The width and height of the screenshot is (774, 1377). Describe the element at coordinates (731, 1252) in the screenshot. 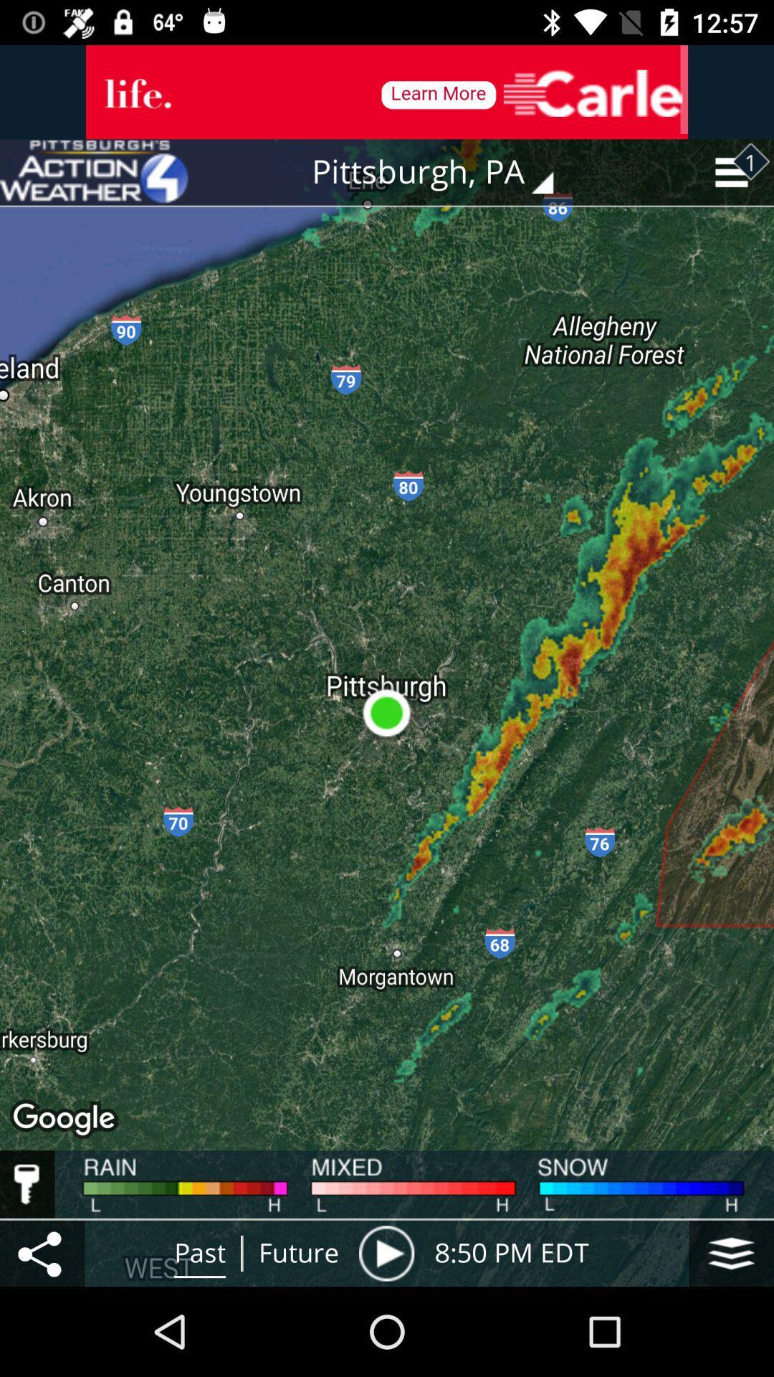

I see `open layers menu` at that location.